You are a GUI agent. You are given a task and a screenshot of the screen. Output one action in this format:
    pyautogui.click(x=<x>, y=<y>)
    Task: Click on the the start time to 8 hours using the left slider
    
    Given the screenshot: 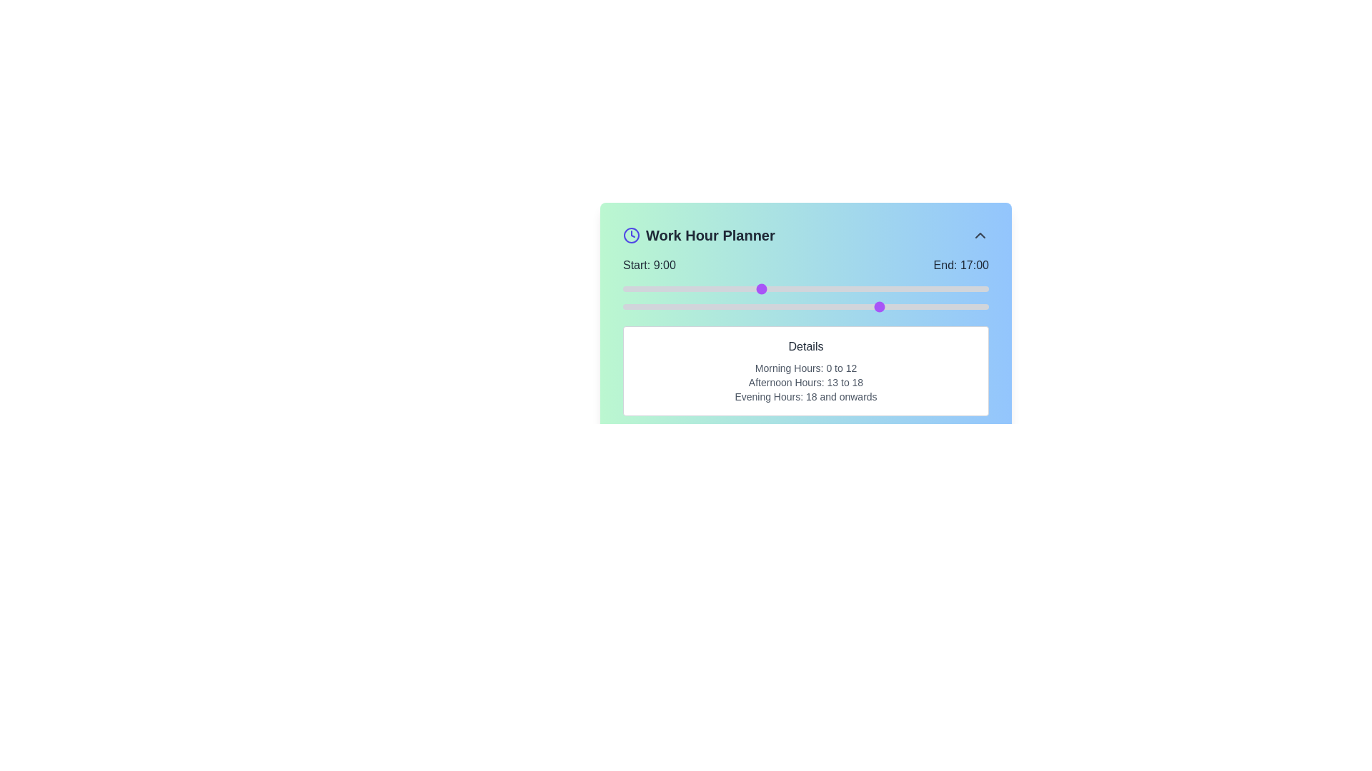 What is the action you would take?
    pyautogui.click(x=744, y=289)
    